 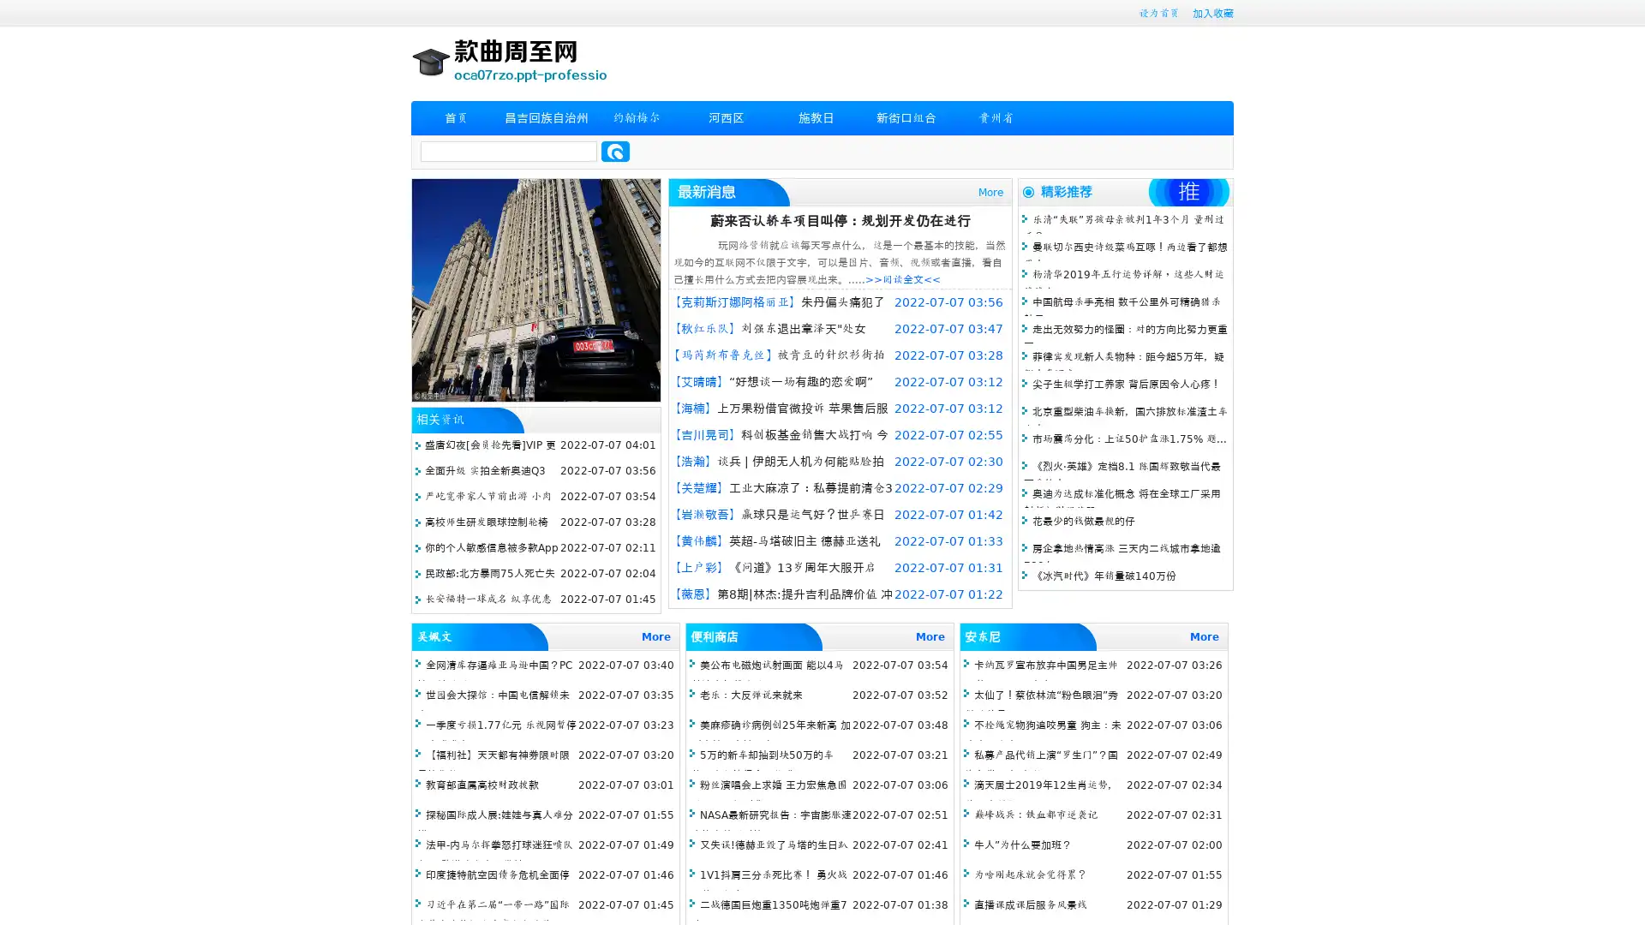 I want to click on Search, so click(x=615, y=151).